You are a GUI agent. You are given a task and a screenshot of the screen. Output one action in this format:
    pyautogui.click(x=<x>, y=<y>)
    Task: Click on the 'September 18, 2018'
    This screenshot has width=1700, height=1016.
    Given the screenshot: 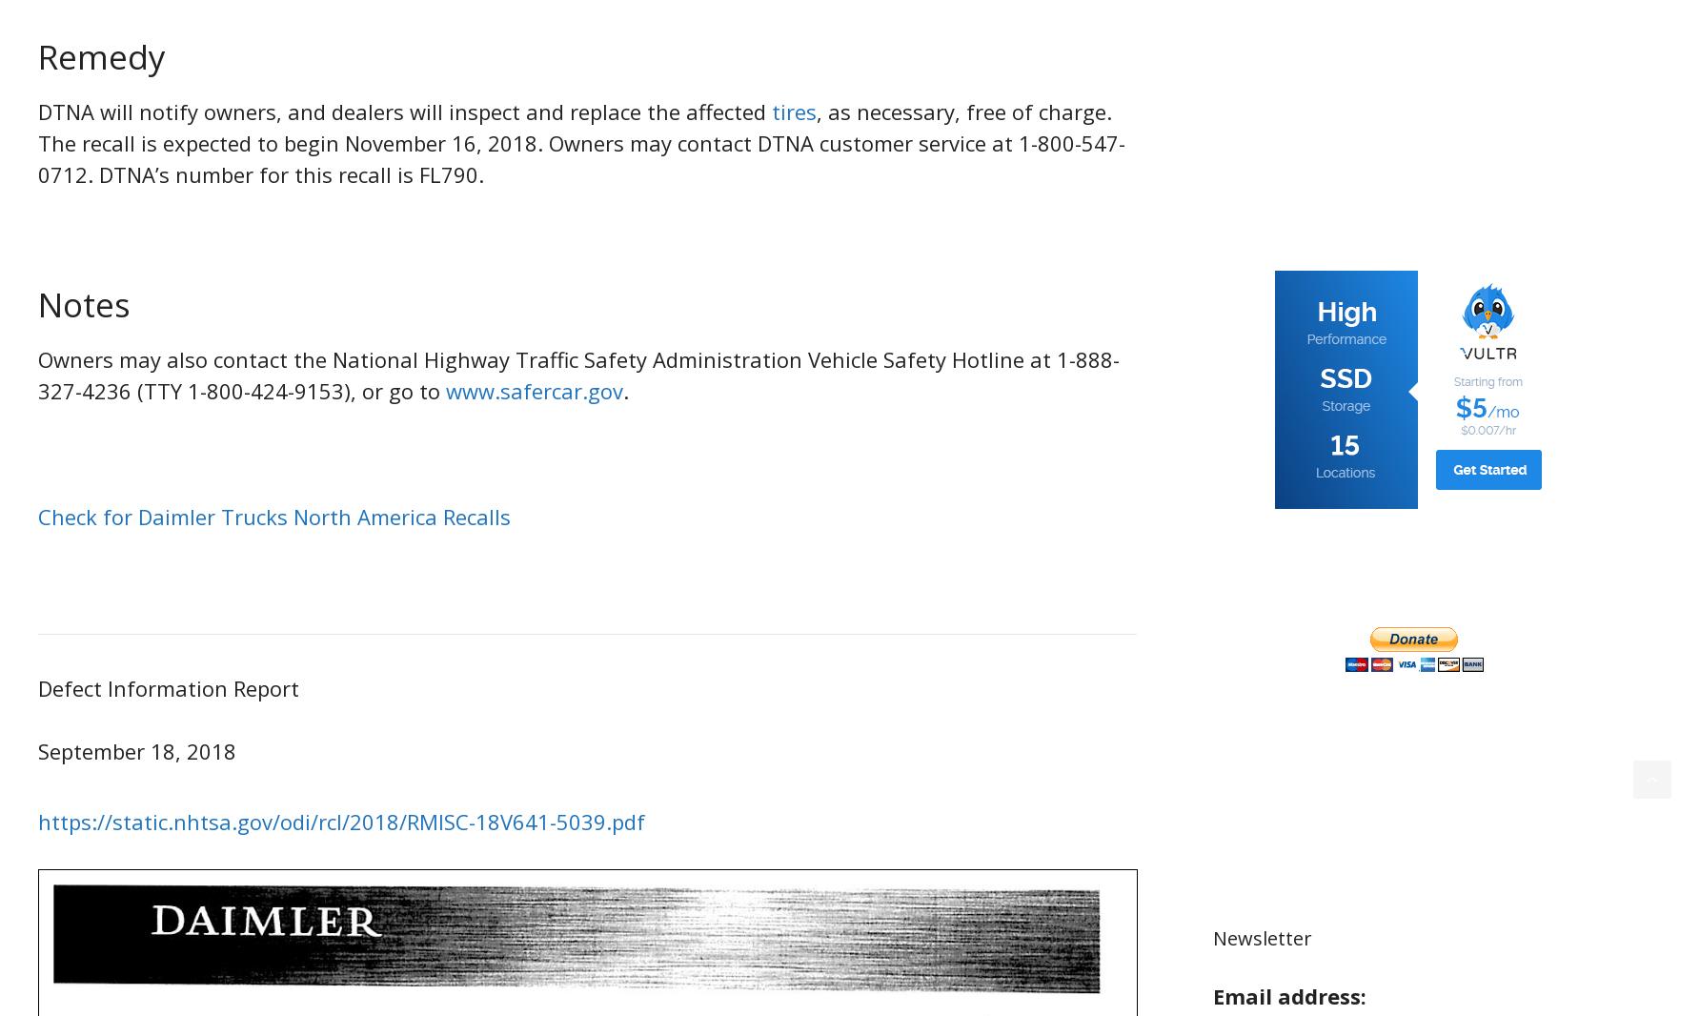 What is the action you would take?
    pyautogui.click(x=135, y=749)
    